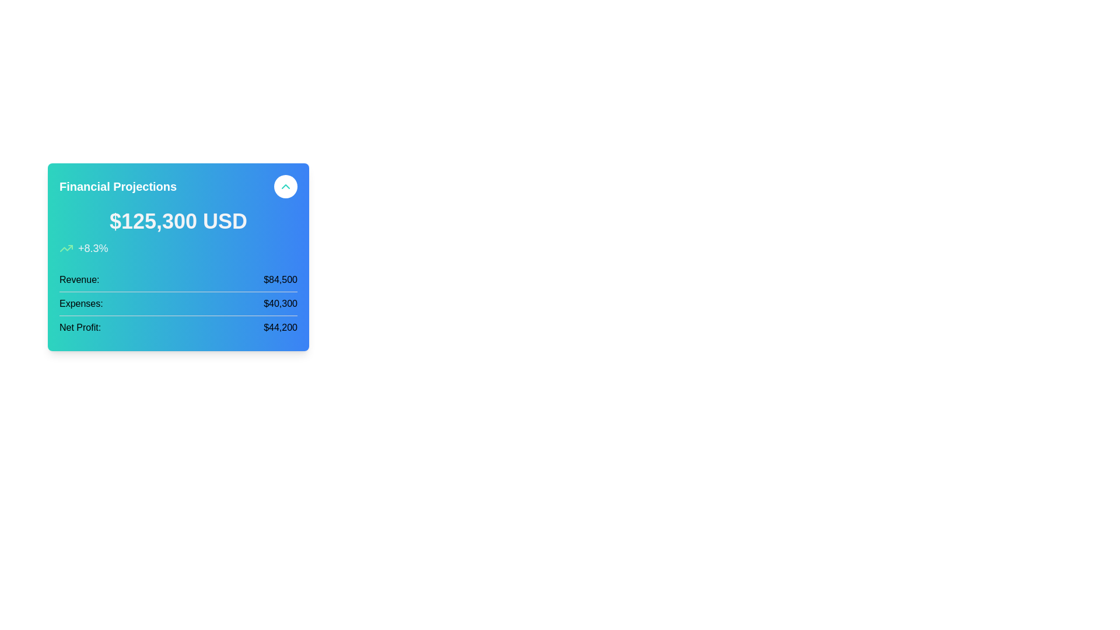  I want to click on revenue amount displayed in the Text label located on the right side of the 'Revenue:' label in the financial summary section, so click(281, 279).